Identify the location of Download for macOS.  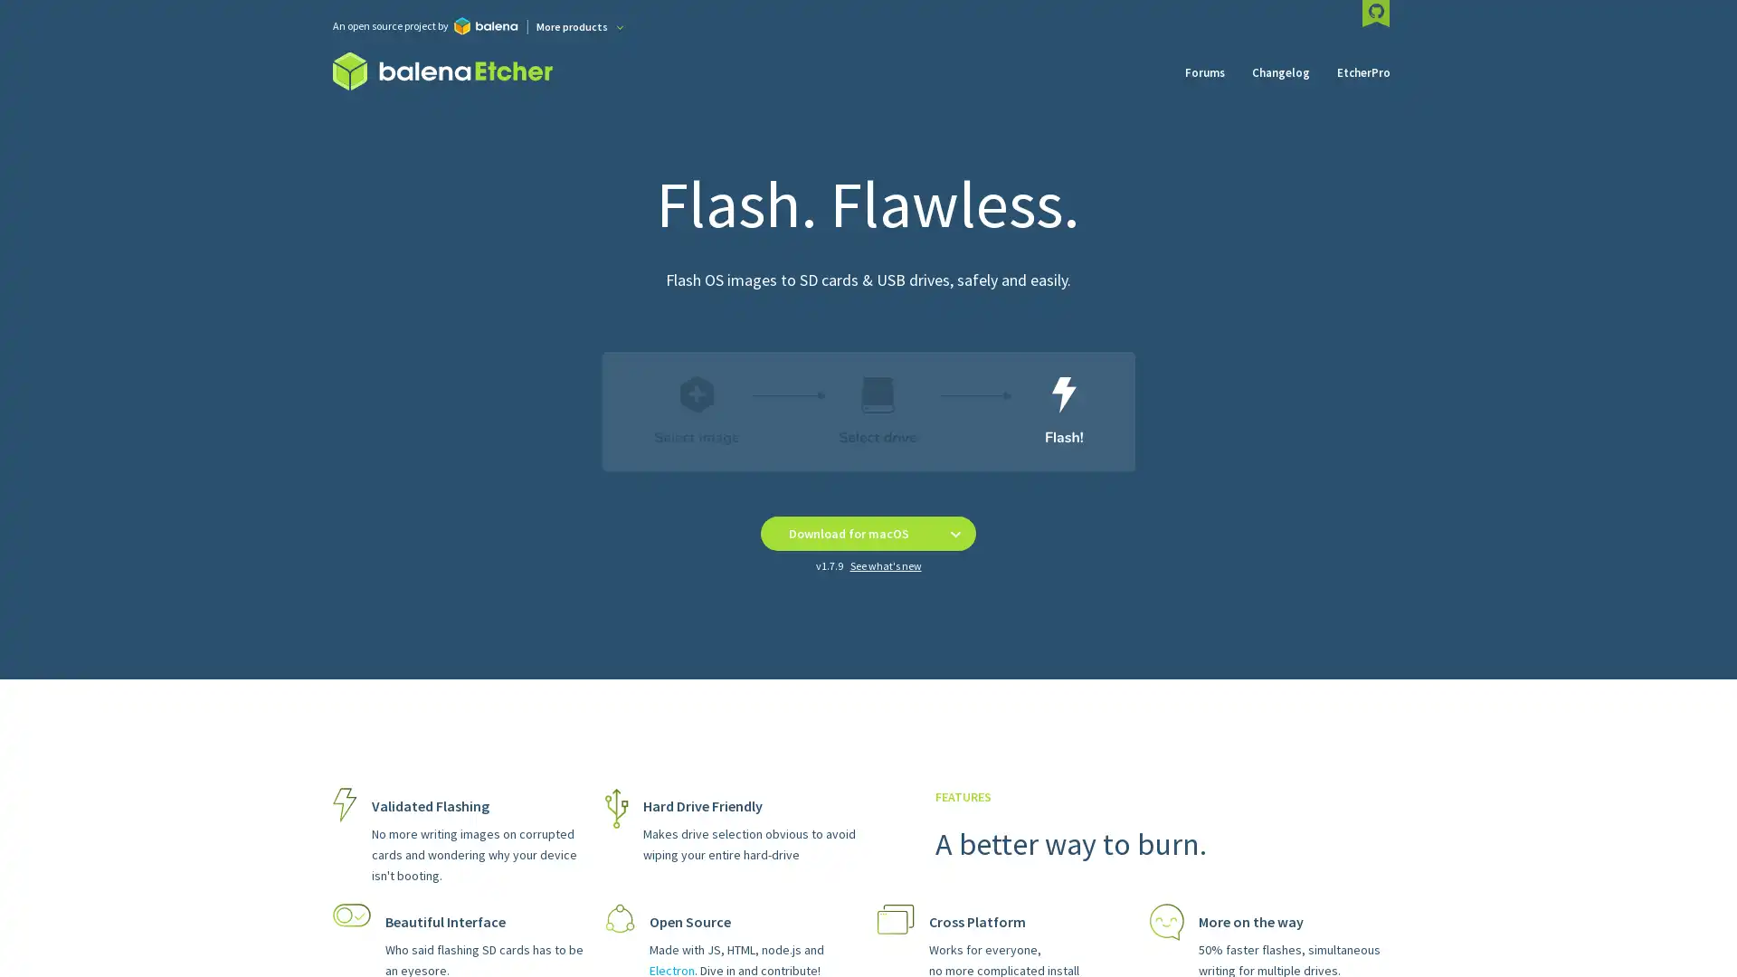
(847, 533).